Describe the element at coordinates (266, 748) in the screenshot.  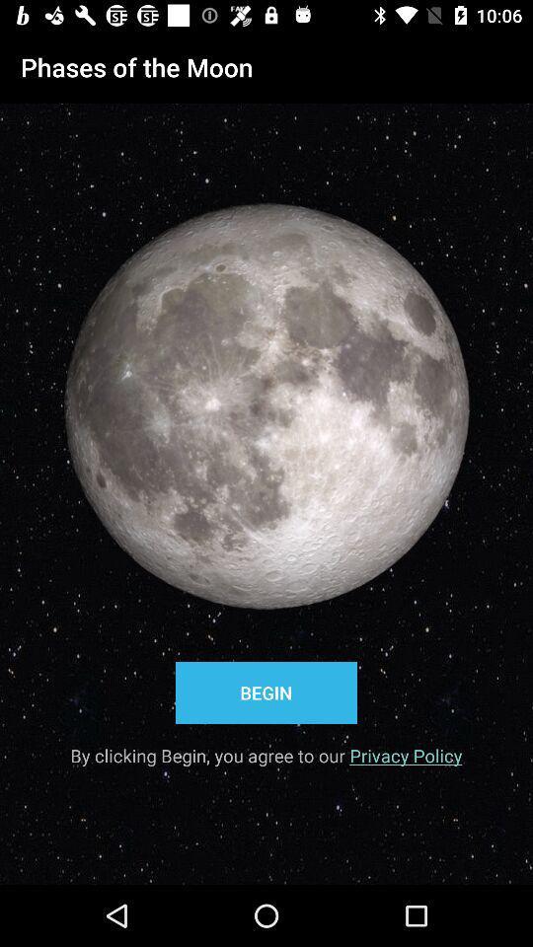
I see `by clicking begin item` at that location.